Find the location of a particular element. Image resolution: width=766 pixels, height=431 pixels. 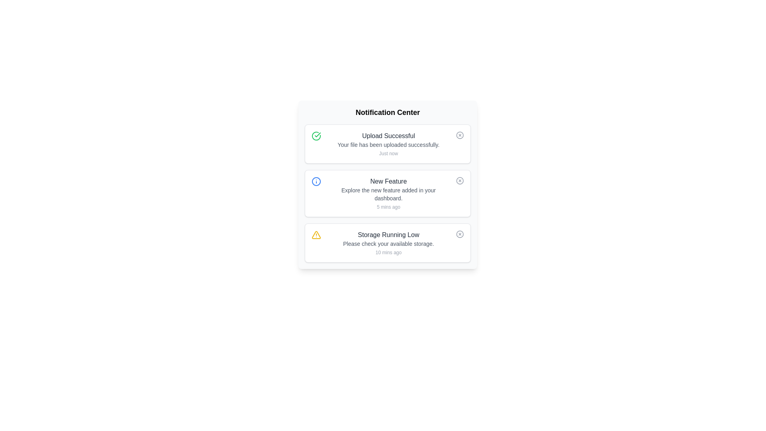

text label displaying 'Upload Successful' located in the top-right section of the notification card in the Notification Center panel is located at coordinates (389, 135).